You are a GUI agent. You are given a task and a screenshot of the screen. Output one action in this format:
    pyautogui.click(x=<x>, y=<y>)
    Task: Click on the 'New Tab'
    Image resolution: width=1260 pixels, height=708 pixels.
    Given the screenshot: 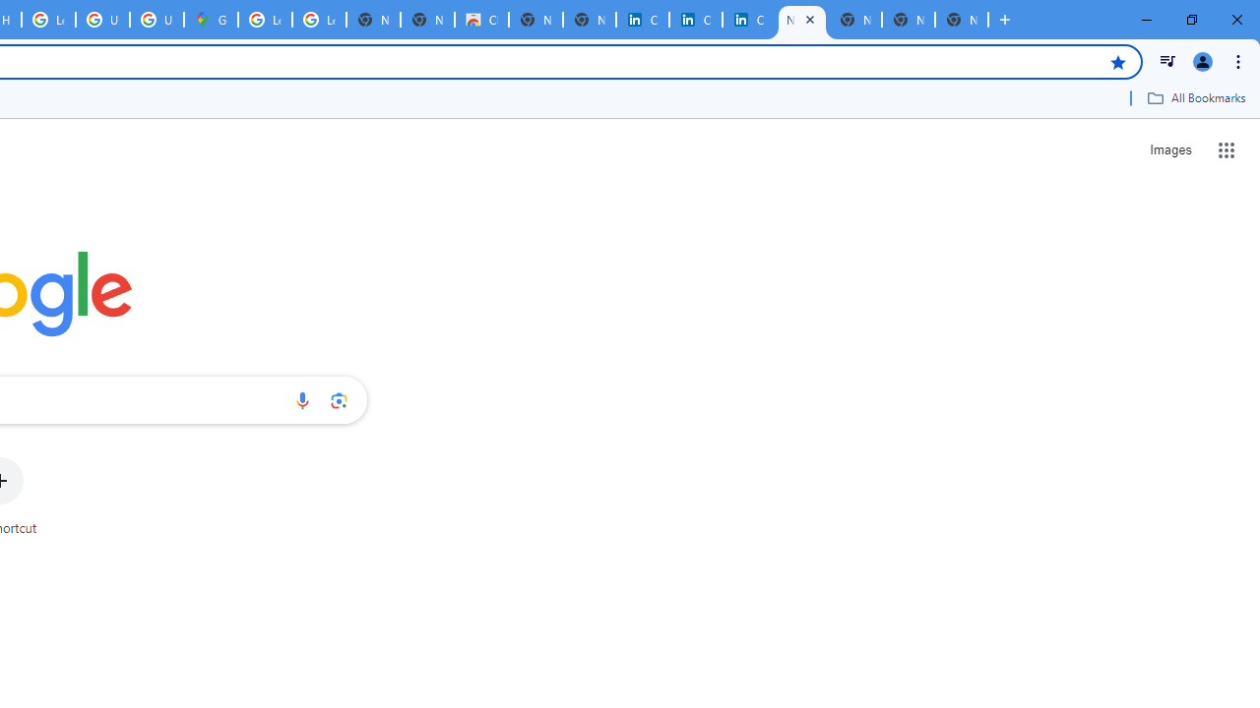 What is the action you would take?
    pyautogui.click(x=961, y=20)
    